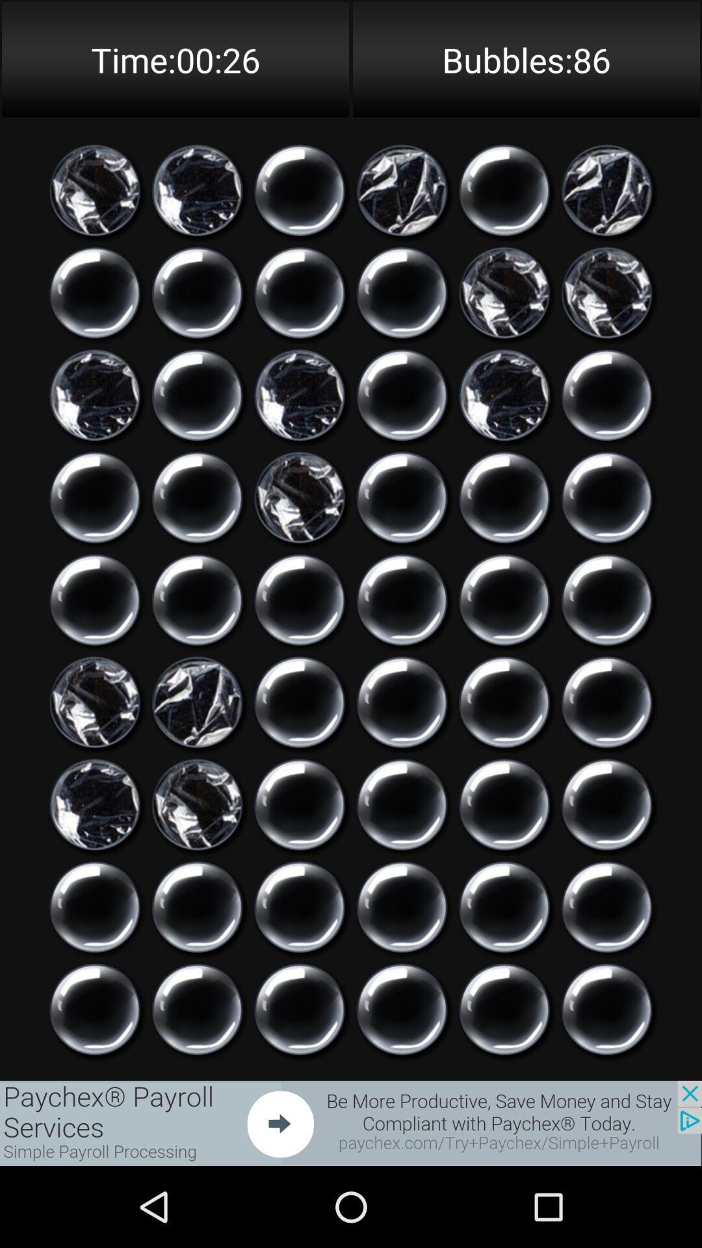 This screenshot has width=702, height=1248. Describe the element at coordinates (401, 313) in the screenshot. I see `the refresh icon` at that location.